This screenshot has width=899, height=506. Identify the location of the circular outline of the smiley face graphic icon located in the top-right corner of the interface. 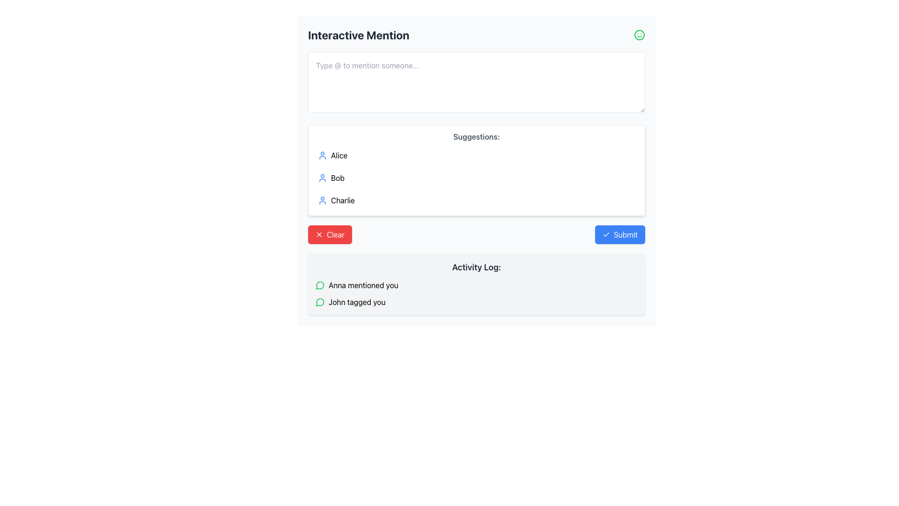
(639, 34).